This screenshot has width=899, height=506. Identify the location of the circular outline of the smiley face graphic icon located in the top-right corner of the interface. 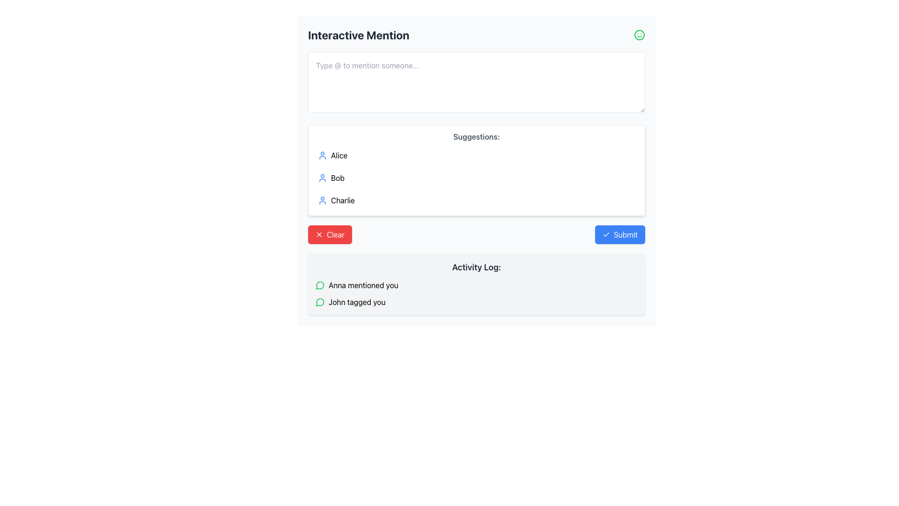
(639, 34).